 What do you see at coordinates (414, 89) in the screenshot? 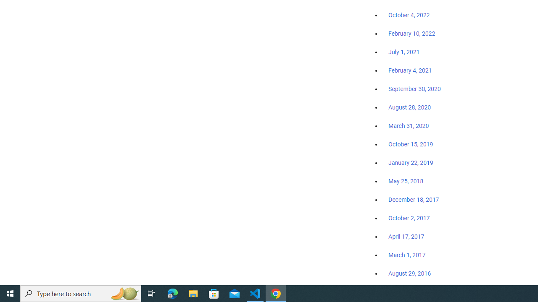
I see `'September 30, 2020'` at bounding box center [414, 89].